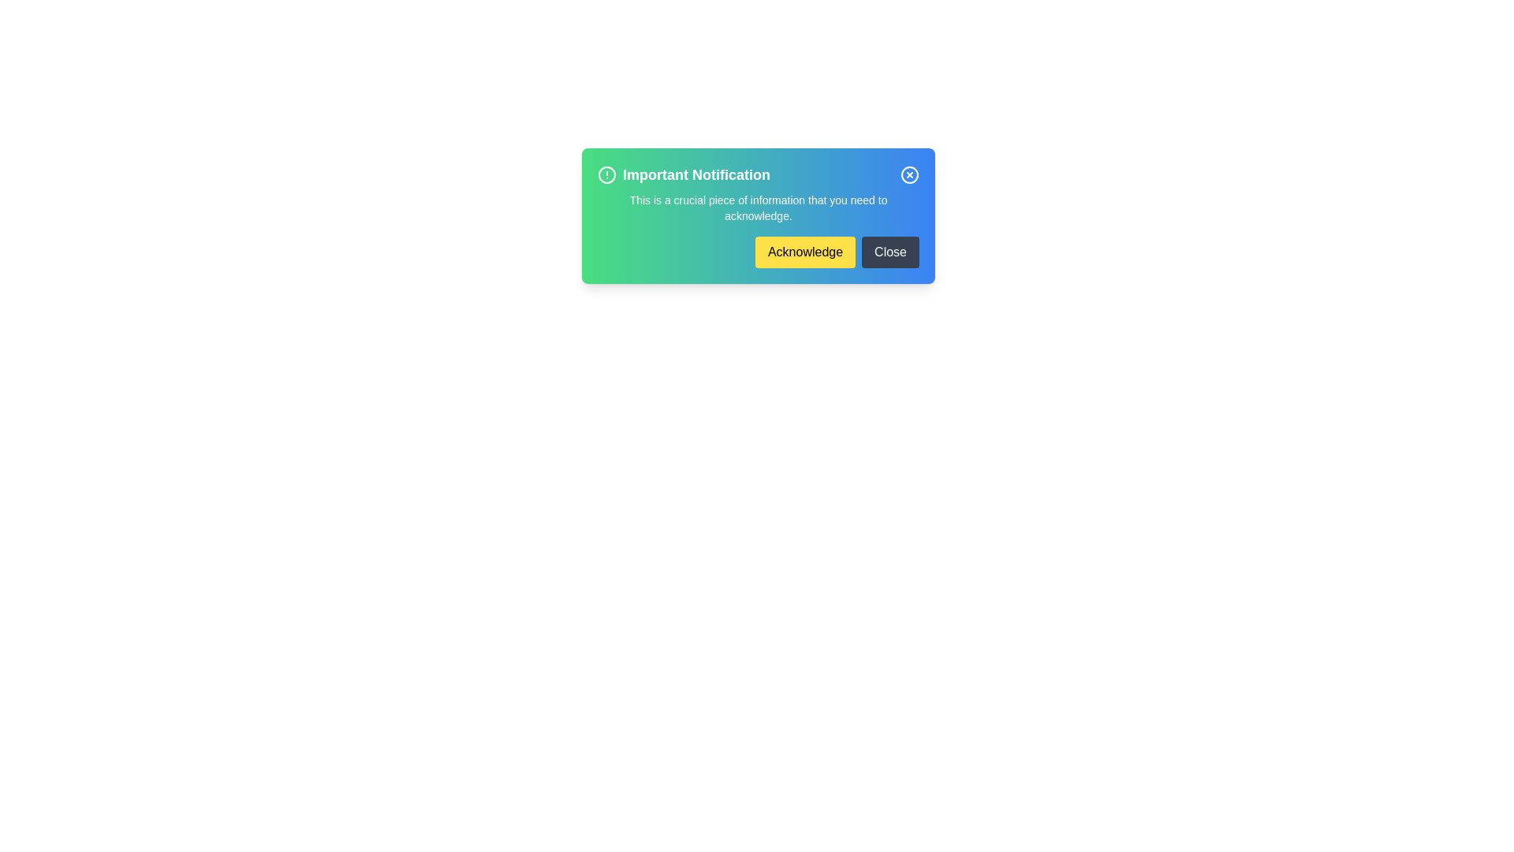 The image size is (1514, 852). What do you see at coordinates (909, 175) in the screenshot?
I see `the close button located in the top-right corner of the 'Important Notification' box` at bounding box center [909, 175].